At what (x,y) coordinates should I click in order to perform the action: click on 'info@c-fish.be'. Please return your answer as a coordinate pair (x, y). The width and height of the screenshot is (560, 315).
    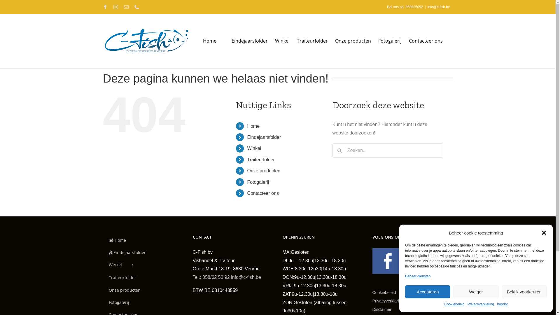
    Looking at the image, I should click on (439, 7).